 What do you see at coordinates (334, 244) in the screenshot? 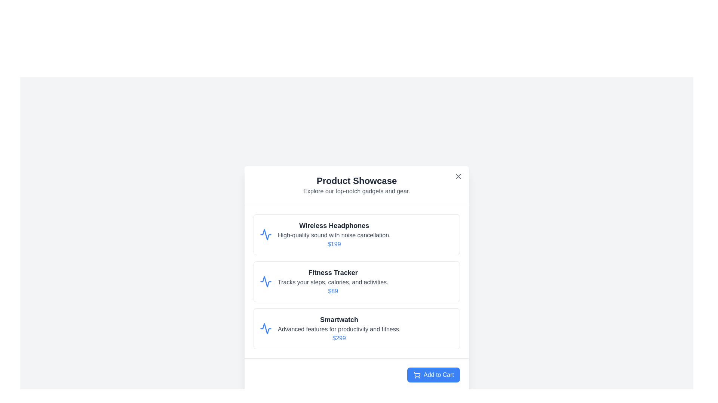
I see `the price label displaying '$199' in bold blue text, located below the description 'High-quality sound with noise cancellation' and to the right of the icon` at bounding box center [334, 244].